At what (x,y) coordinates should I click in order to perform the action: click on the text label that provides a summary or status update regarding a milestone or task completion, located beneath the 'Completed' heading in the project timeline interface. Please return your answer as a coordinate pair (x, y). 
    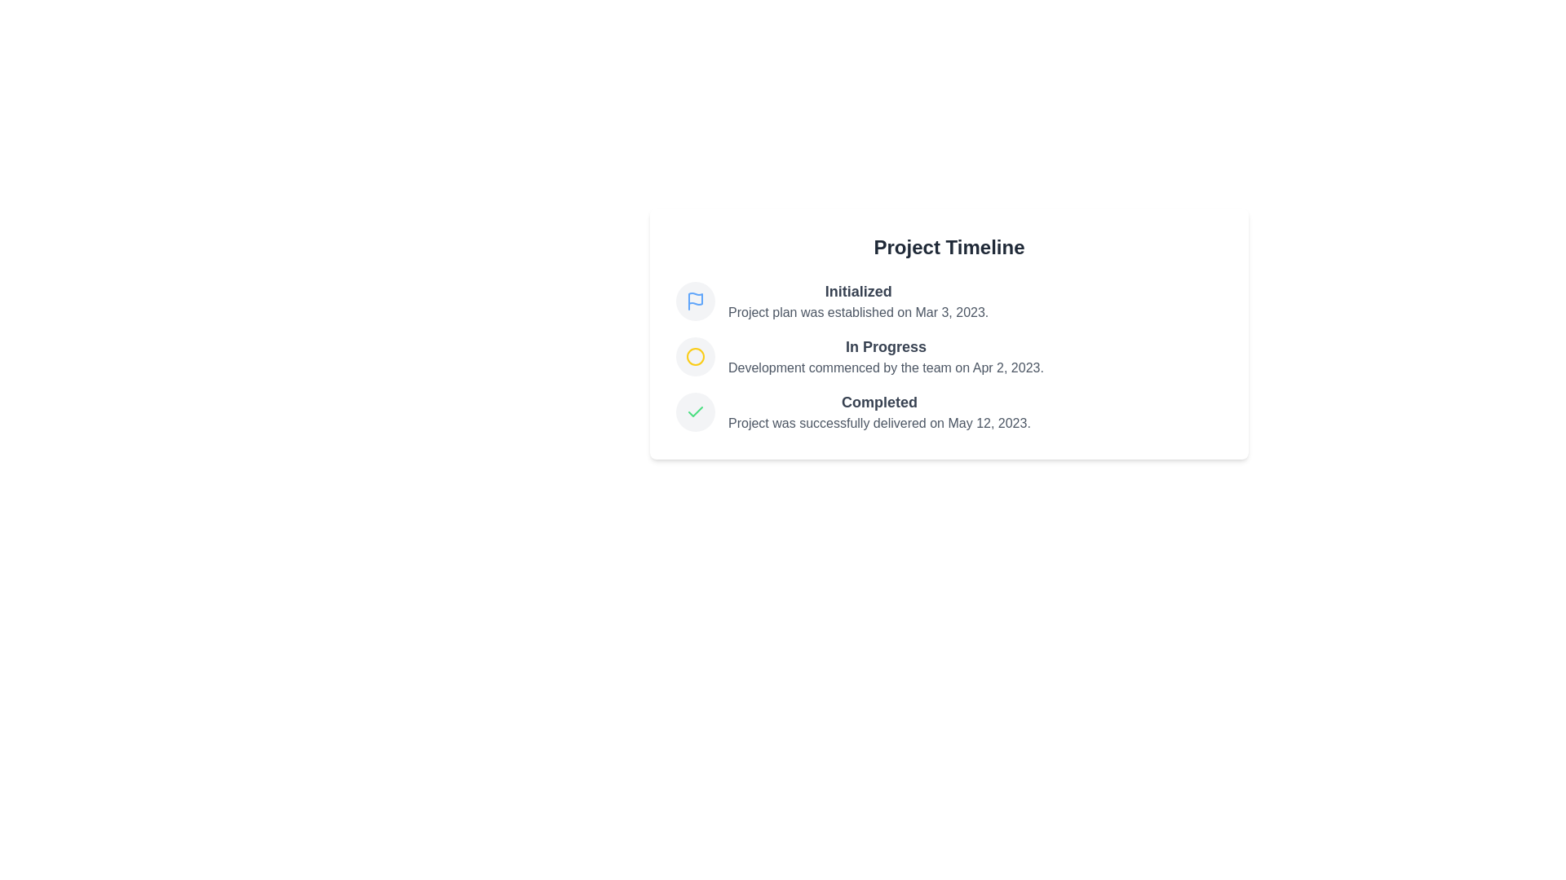
    Looking at the image, I should click on (878, 423).